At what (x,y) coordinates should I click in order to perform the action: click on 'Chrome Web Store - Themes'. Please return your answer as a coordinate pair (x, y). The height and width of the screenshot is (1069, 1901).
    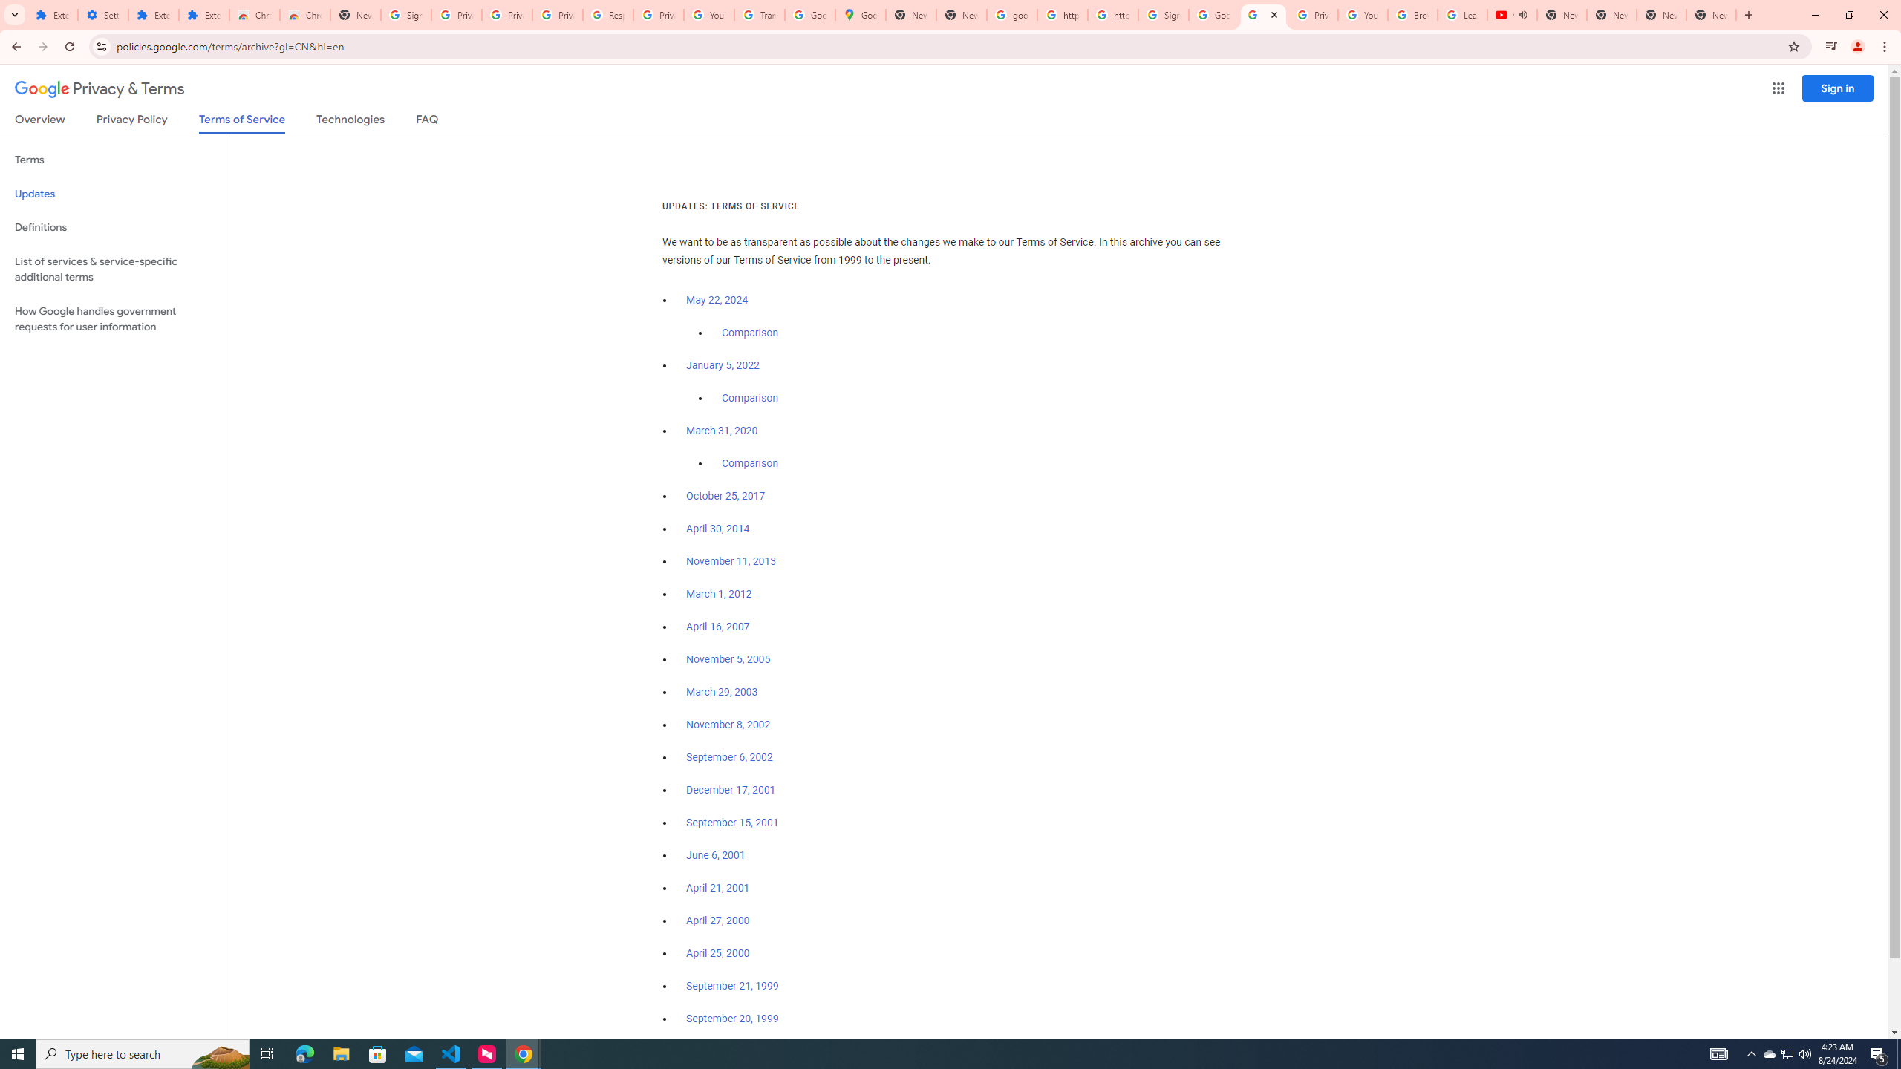
    Looking at the image, I should click on (304, 14).